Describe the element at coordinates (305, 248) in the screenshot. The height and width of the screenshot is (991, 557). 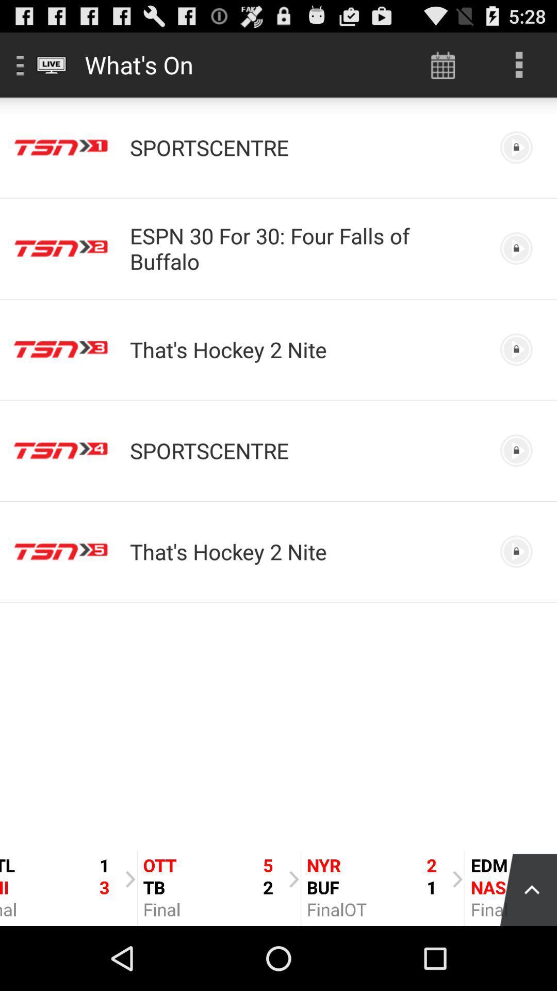
I see `the item above the that s hockey` at that location.